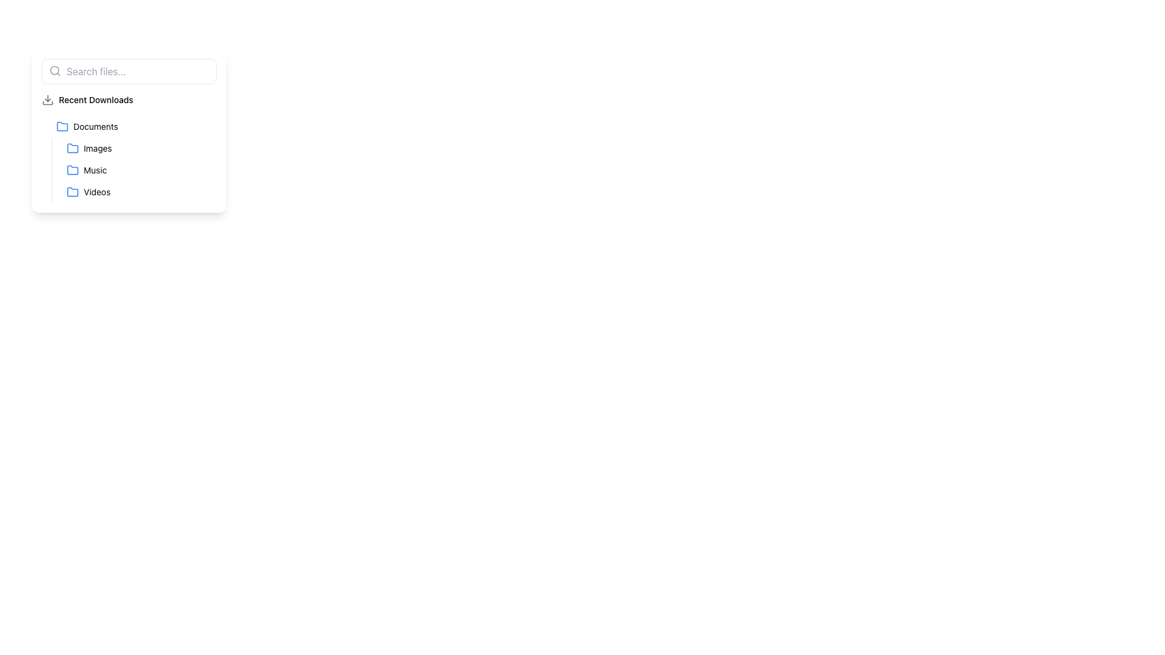 The image size is (1165, 655). Describe the element at coordinates (129, 131) in the screenshot. I see `the vertical list of labeled folder items located under the 'Recent Downloads' section to navigate through categorized files such as 'Documents', 'Images', 'Music', and 'Videos'` at that location.